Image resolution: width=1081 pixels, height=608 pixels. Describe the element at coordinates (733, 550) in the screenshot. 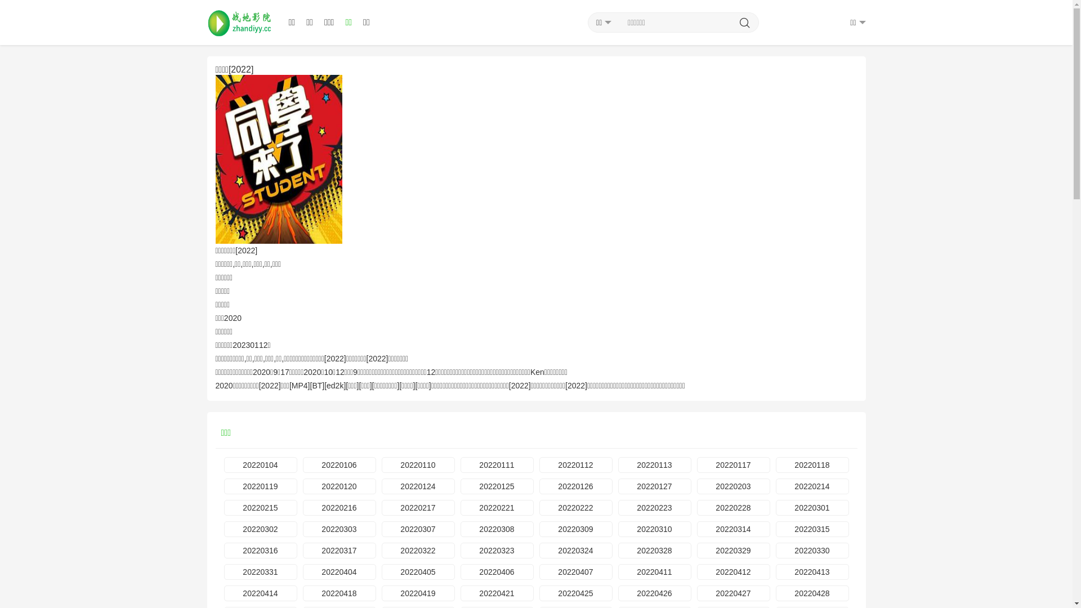

I see `'20220329'` at that location.